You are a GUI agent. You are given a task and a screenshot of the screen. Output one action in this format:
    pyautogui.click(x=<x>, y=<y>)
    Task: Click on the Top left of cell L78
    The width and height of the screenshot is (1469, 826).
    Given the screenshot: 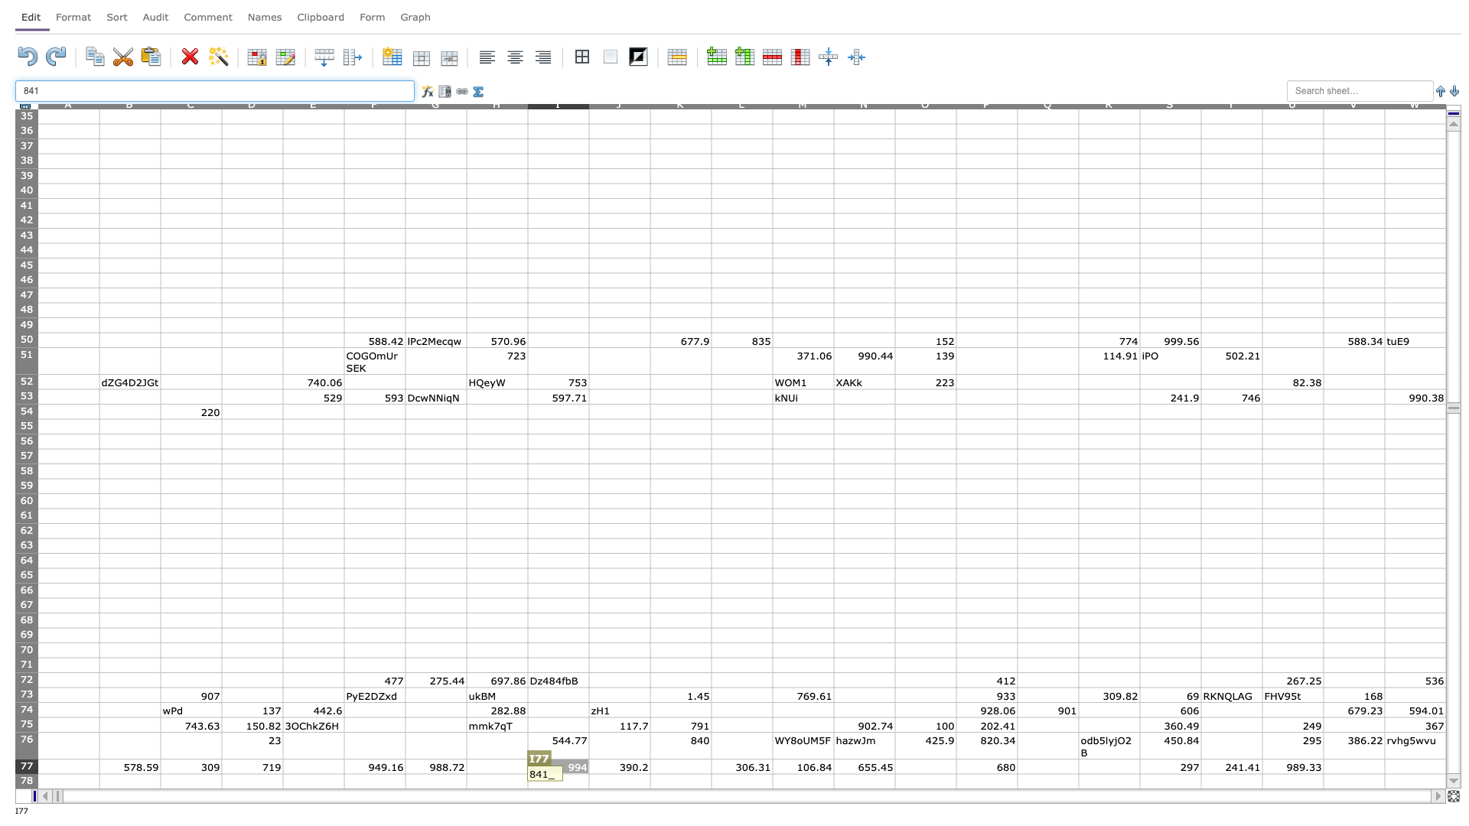 What is the action you would take?
    pyautogui.click(x=711, y=773)
    